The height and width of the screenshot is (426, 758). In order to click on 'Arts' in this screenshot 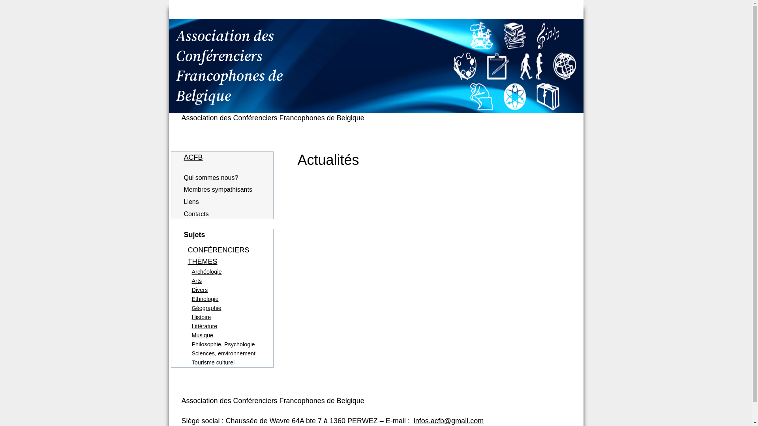, I will do `click(197, 280)`.